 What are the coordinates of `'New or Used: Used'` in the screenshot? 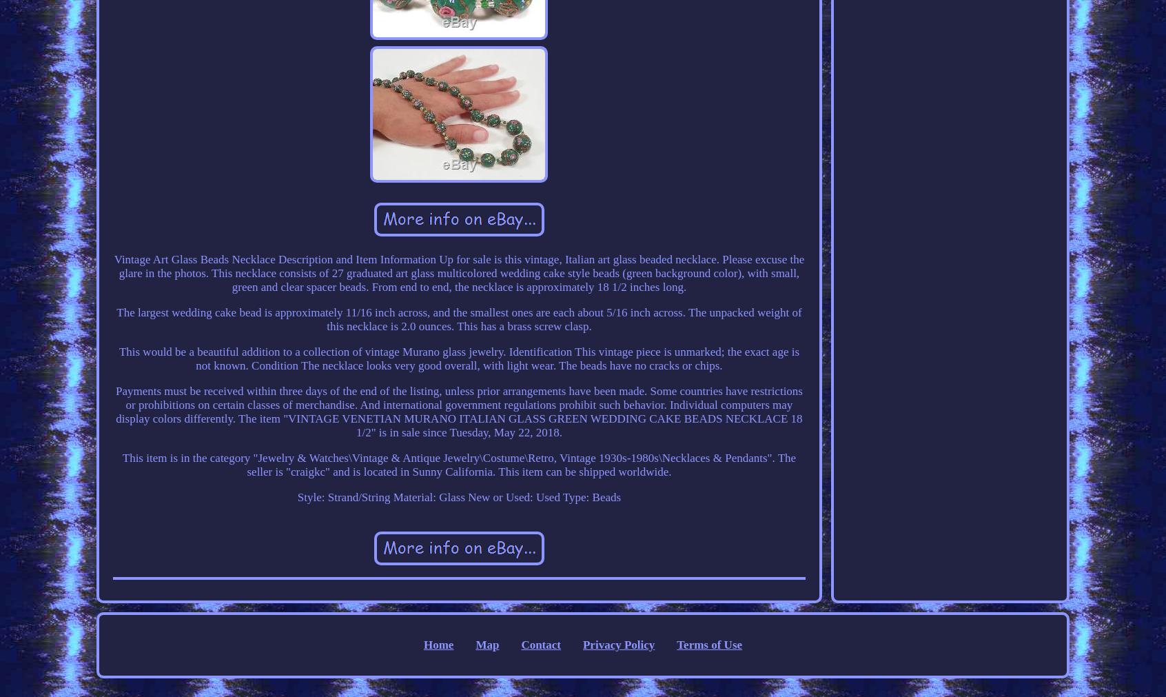 It's located at (467, 496).